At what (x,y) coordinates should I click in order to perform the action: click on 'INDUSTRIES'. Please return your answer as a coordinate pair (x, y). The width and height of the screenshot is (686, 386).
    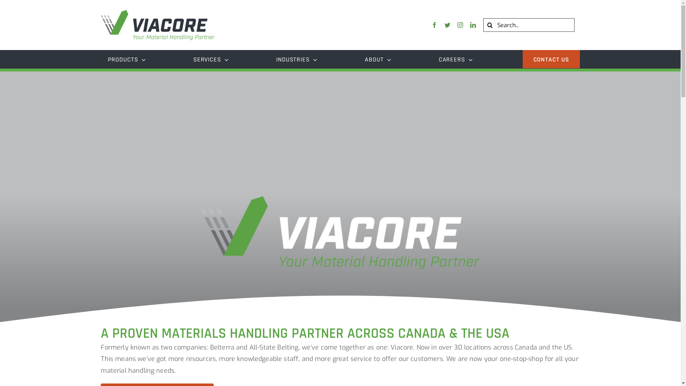
    Looking at the image, I should click on (269, 59).